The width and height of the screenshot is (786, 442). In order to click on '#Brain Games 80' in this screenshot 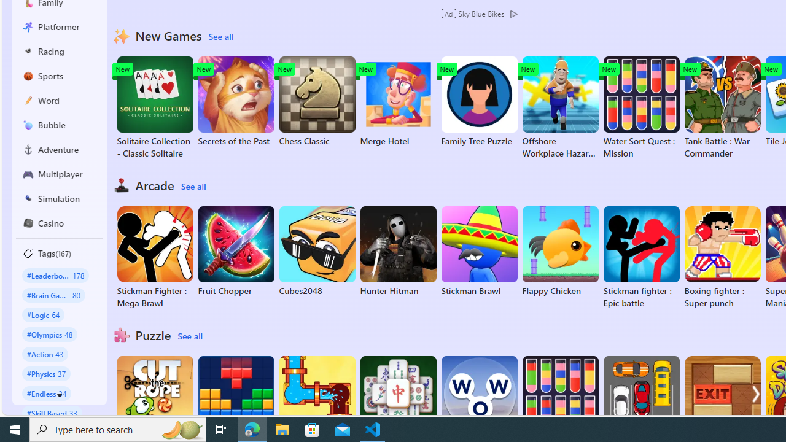, I will do `click(53, 295)`.